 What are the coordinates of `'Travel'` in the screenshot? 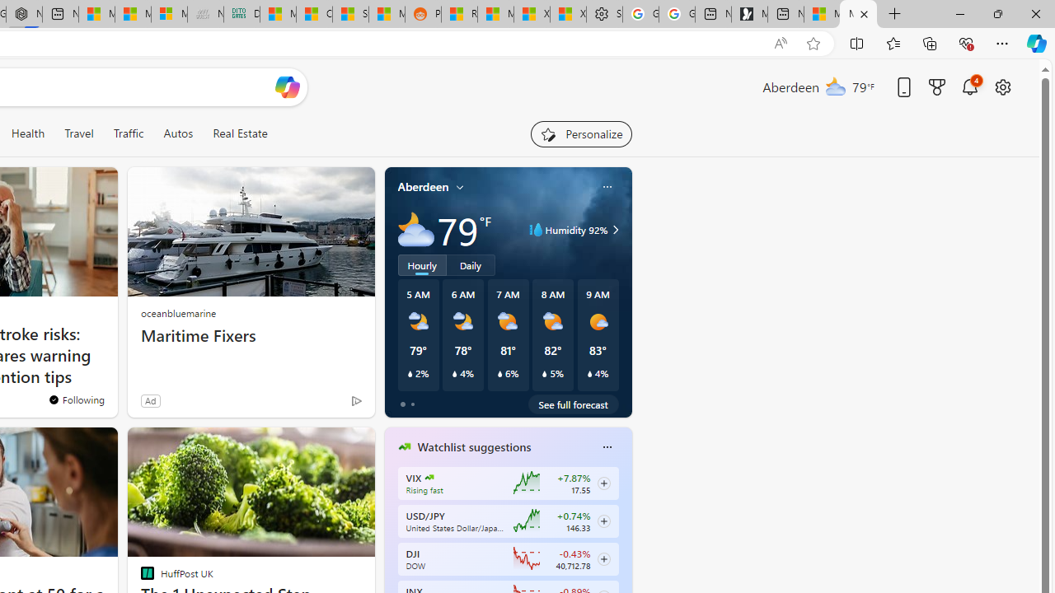 It's located at (78, 133).